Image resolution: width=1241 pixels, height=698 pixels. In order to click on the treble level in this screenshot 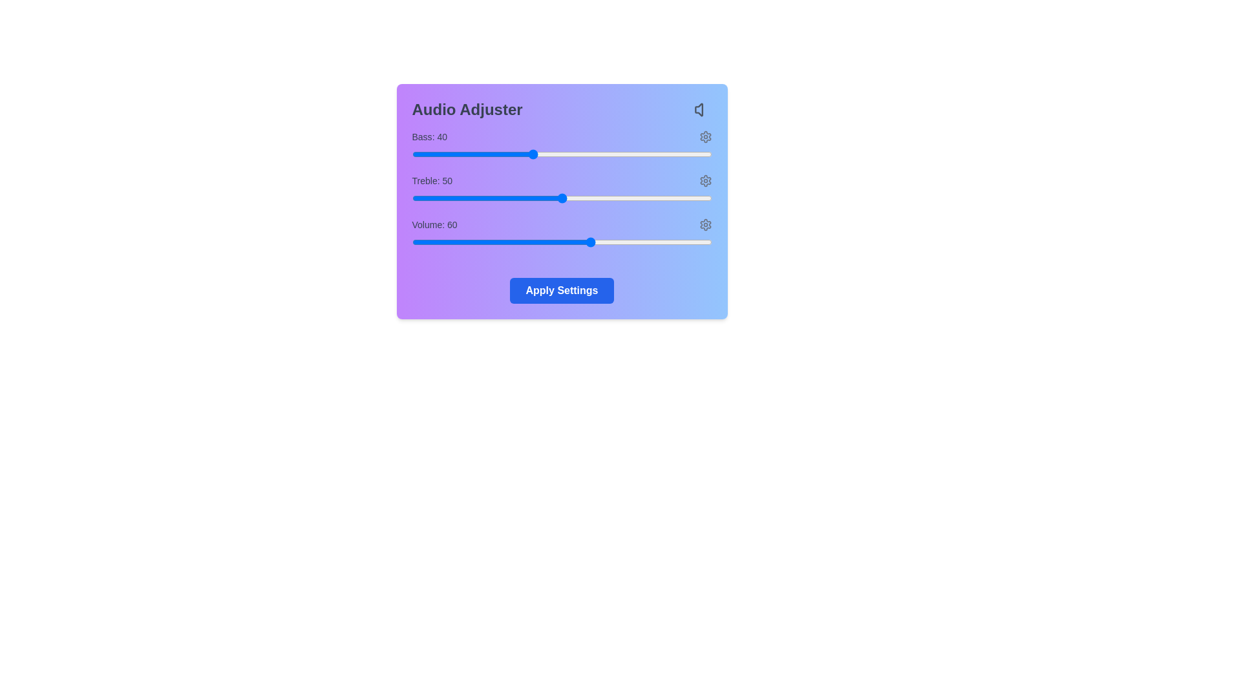, I will do `click(562, 198)`.